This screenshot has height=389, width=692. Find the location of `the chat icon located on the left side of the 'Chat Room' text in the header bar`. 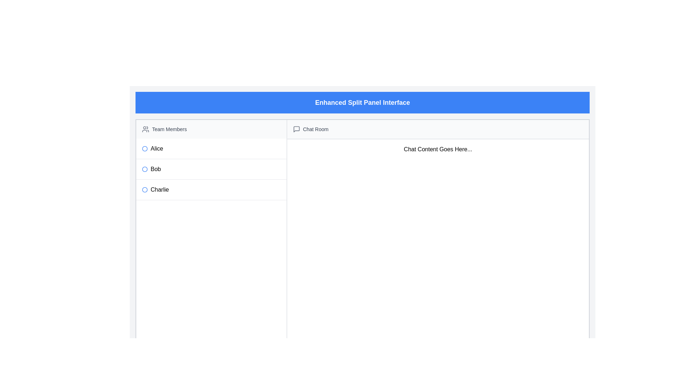

the chat icon located on the left side of the 'Chat Room' text in the header bar is located at coordinates (296, 129).